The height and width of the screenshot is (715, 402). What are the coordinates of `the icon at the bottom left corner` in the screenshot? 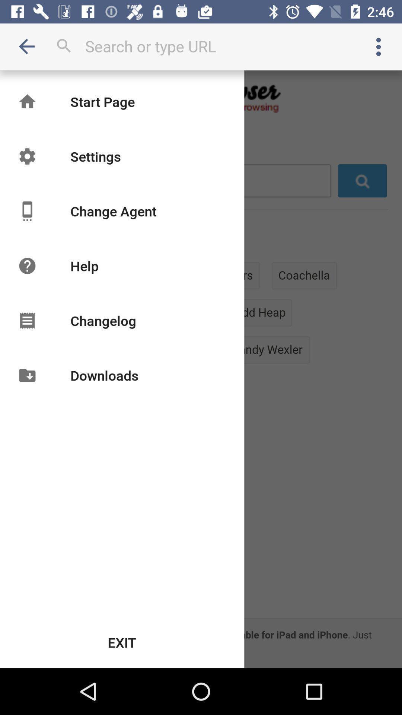 It's located at (122, 642).